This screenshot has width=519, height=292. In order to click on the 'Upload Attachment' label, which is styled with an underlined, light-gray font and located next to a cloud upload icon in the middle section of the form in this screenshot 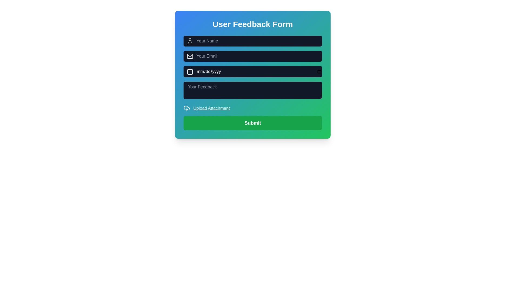, I will do `click(211, 108)`.